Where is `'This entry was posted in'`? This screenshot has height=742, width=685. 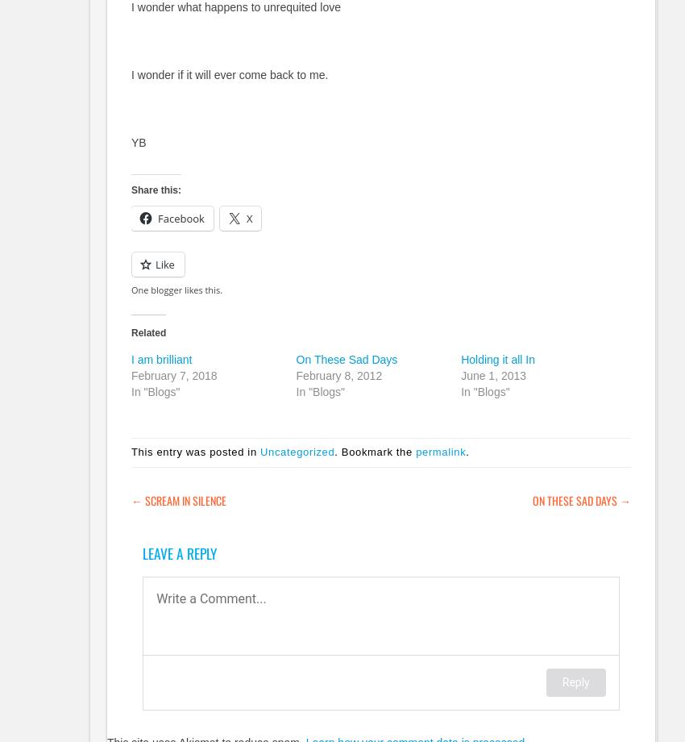 'This entry was posted in' is located at coordinates (196, 452).